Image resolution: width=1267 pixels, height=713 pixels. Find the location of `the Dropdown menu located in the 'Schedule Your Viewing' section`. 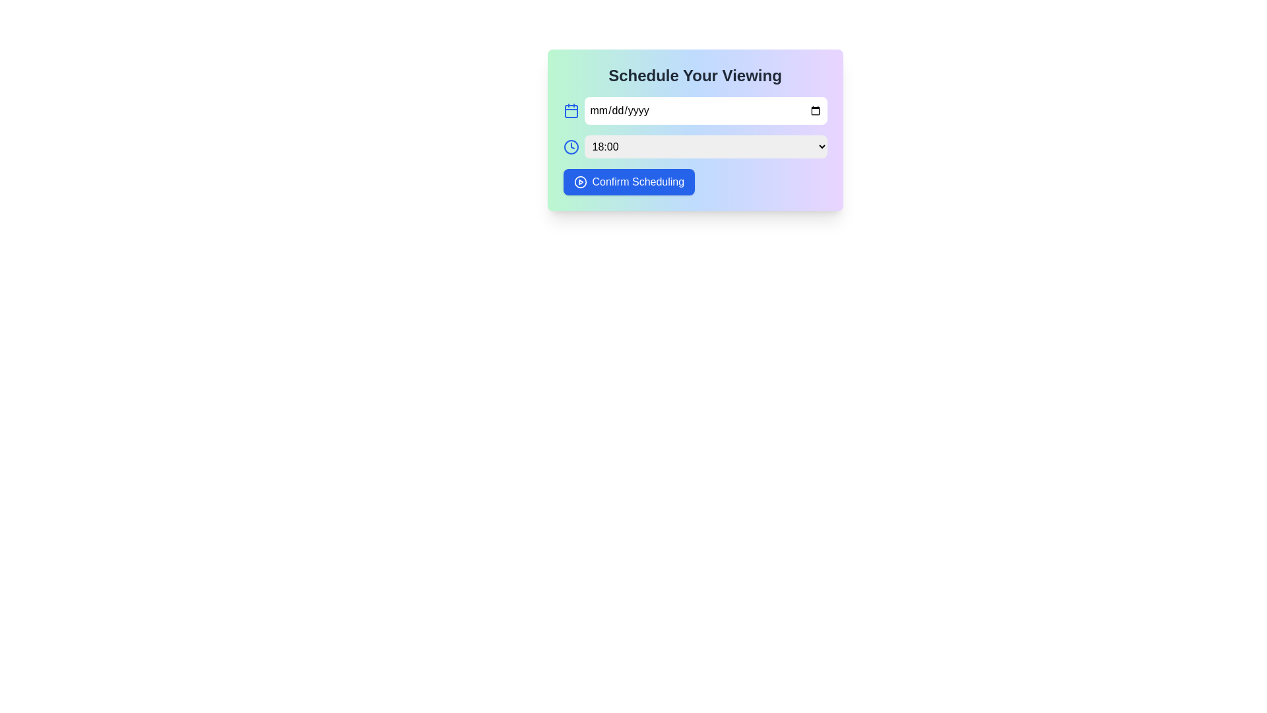

the Dropdown menu located in the 'Schedule Your Viewing' section is located at coordinates (694, 147).